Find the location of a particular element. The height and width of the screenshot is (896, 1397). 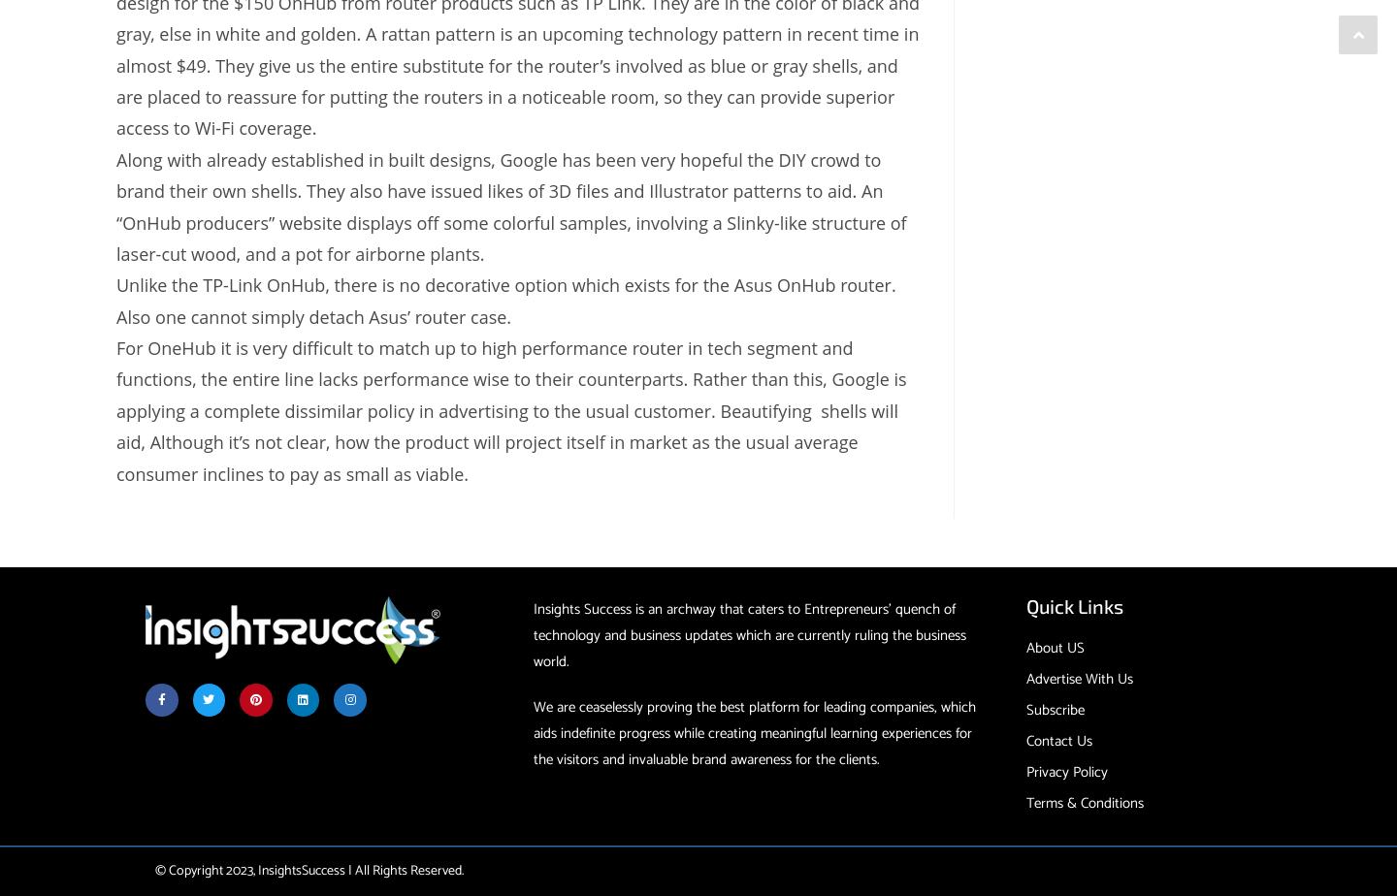

'We are ceaselessly proving the best platform for leading companies, which aids indefinite progress while creating meaningful learning experiences for the visitors and invaluable brand awareness for the clients.' is located at coordinates (753, 733).